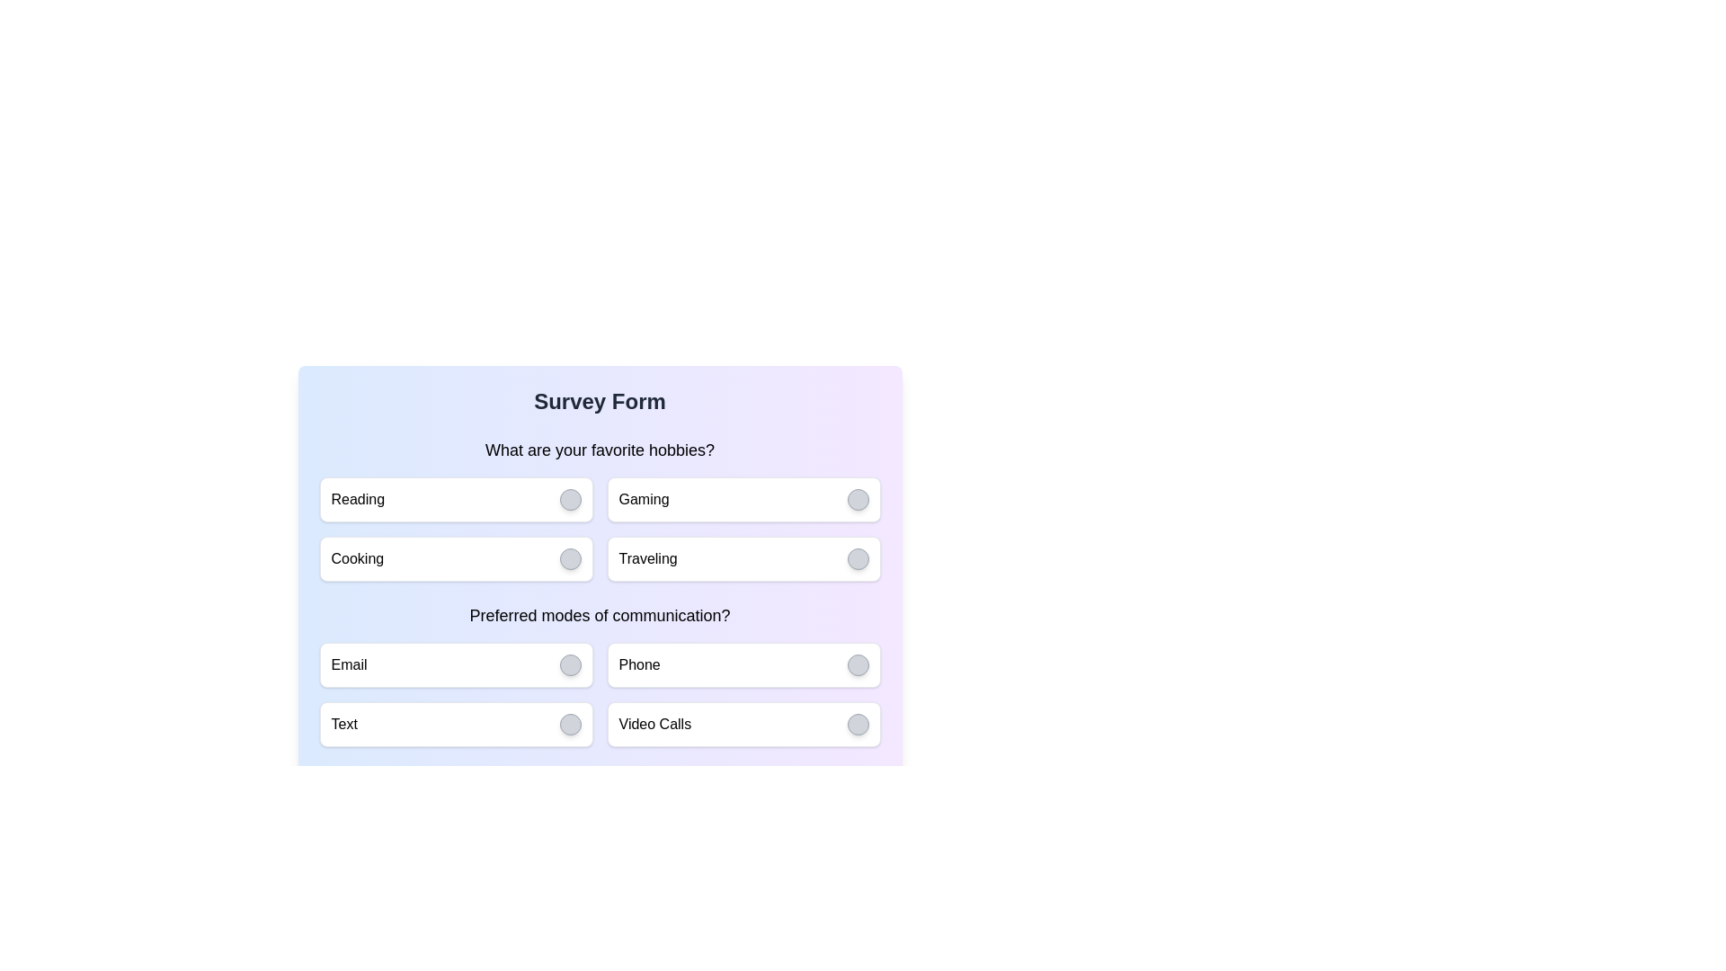 This screenshot has width=1726, height=971. I want to click on the 'Phone' option in the communication preference survey, so click(743, 665).